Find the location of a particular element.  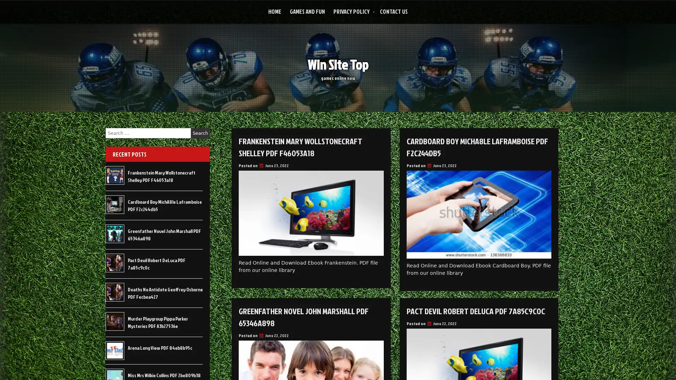

Search is located at coordinates (200, 133).